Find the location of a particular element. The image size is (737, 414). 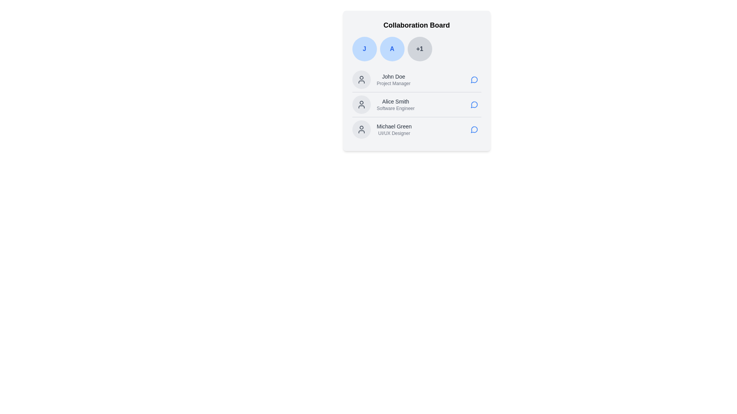

the circular icon button resembling a message, which is the third in a vertical list of similar icons, to initiate messaging is located at coordinates (474, 129).